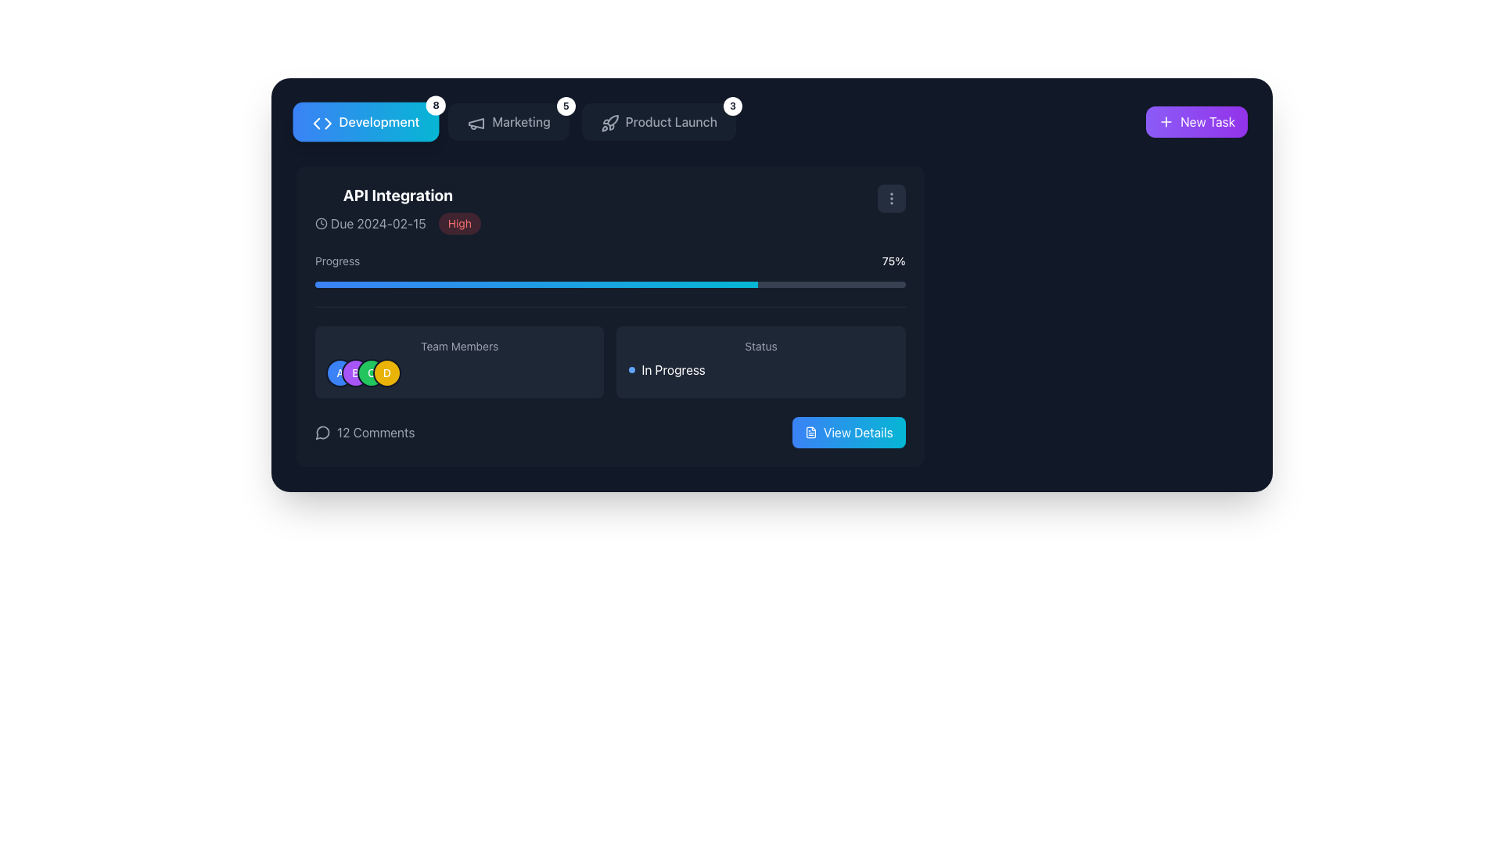 The height and width of the screenshot is (845, 1502). I want to click on the icon representing announcements or promotions, located near the central-right side of the 'Marketing' button in the navigation bar, so click(476, 123).